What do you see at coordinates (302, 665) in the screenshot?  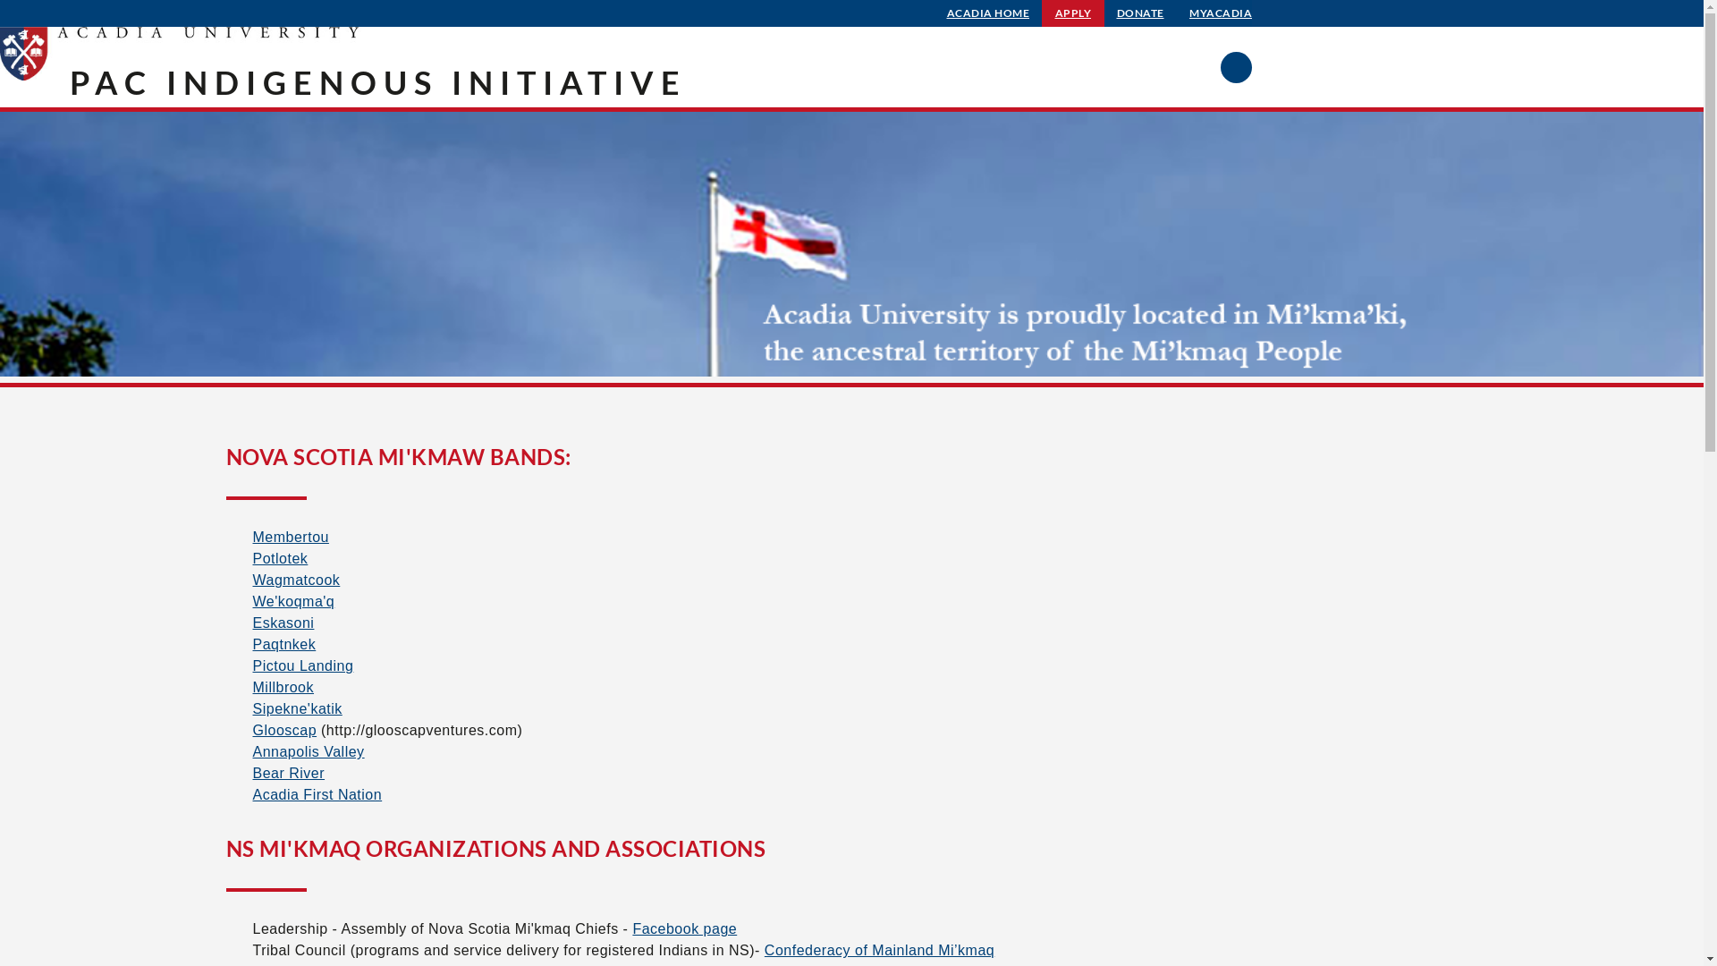 I see `'Pictou Landing'` at bounding box center [302, 665].